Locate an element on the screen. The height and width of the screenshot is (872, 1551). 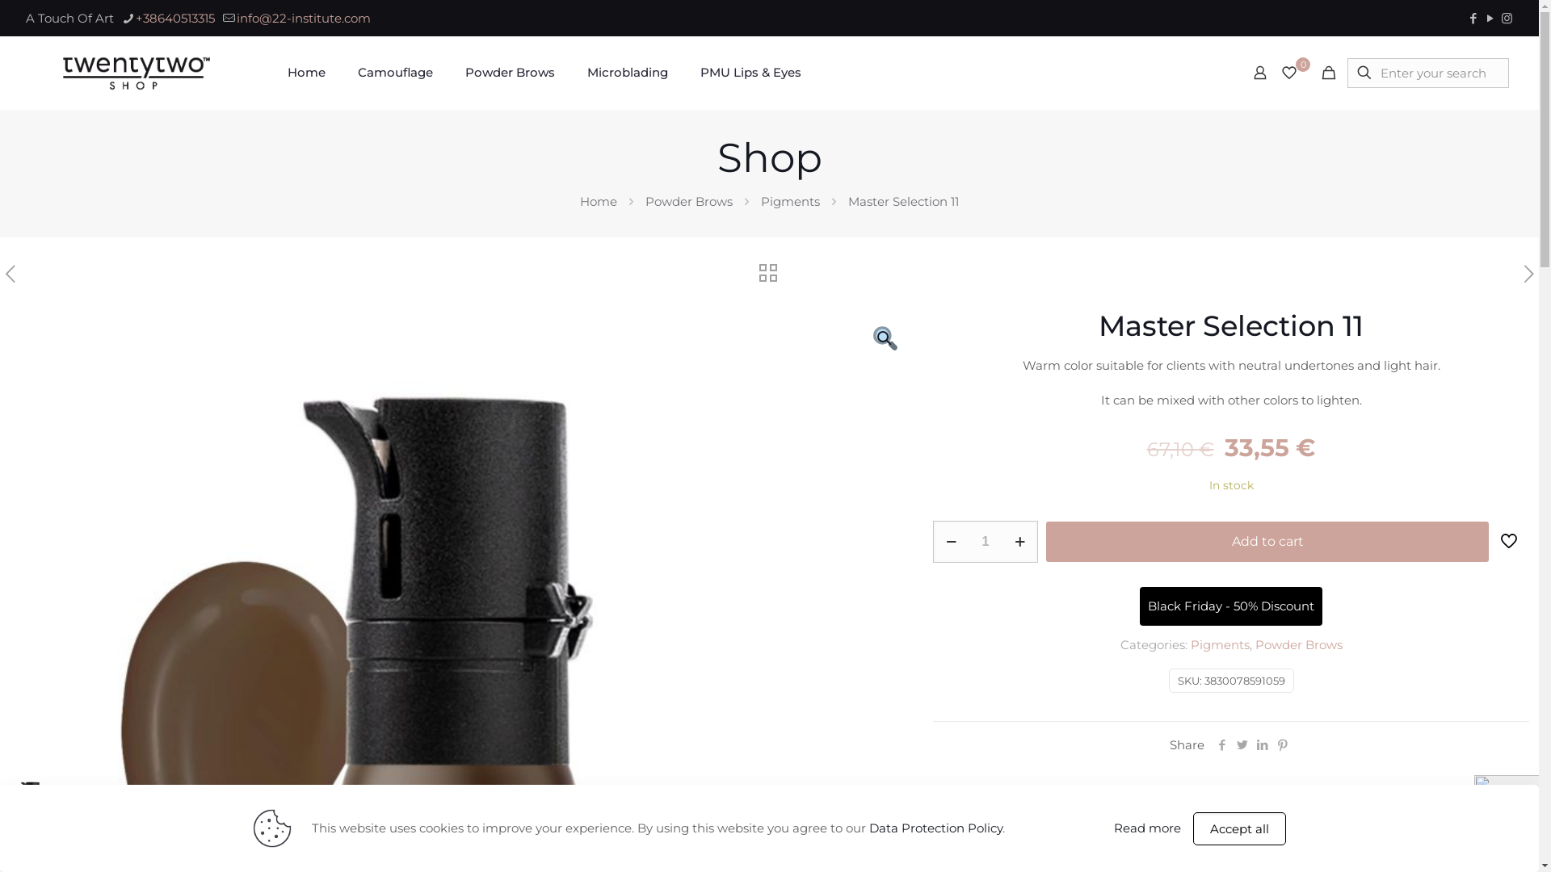
'Home' is located at coordinates (306, 71).